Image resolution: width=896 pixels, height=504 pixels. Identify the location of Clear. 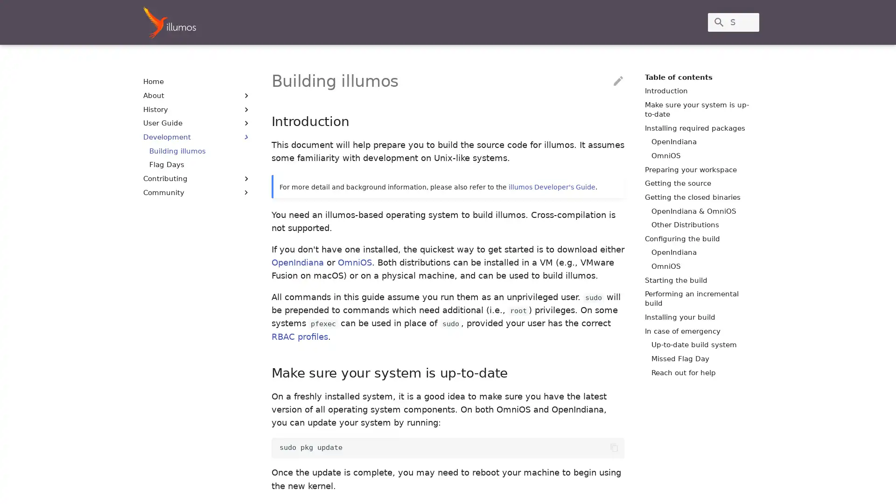
(748, 21).